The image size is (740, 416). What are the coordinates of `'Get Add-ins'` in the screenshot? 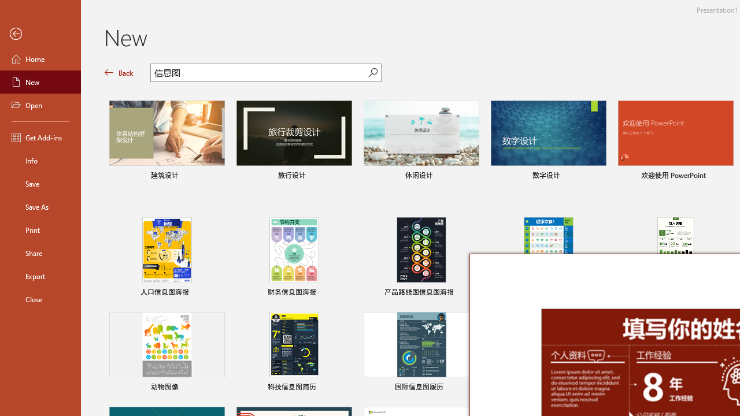 It's located at (40, 136).